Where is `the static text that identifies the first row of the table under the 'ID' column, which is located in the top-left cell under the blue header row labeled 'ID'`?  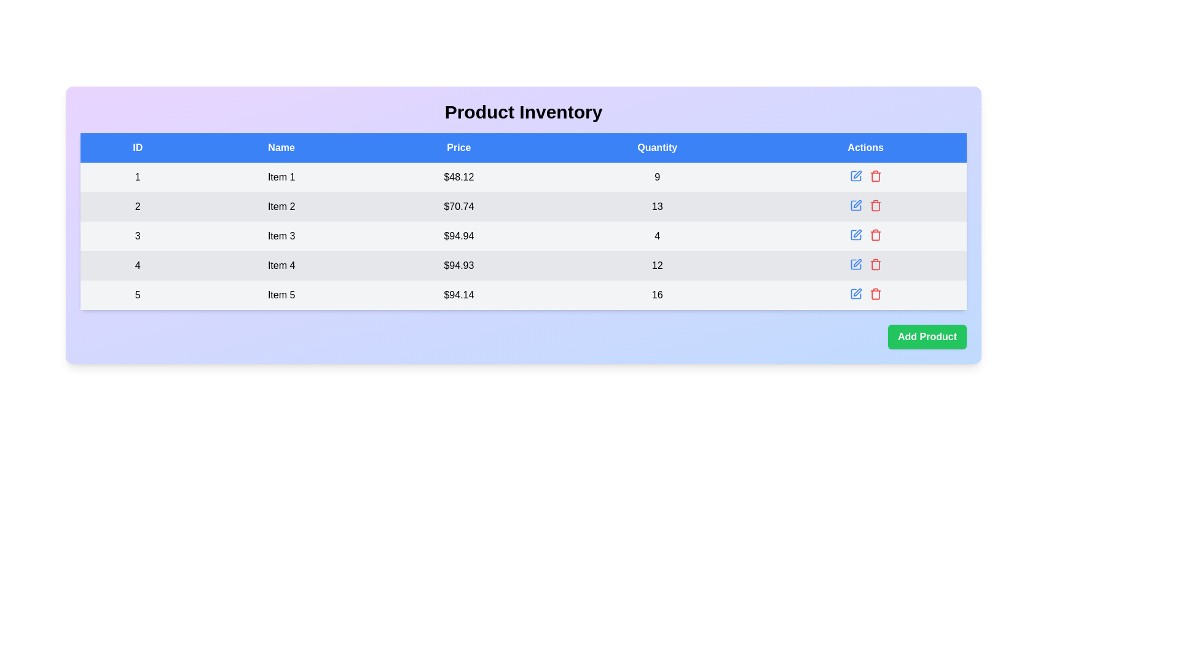
the static text that identifies the first row of the table under the 'ID' column, which is located in the top-left cell under the blue header row labeled 'ID' is located at coordinates (138, 177).